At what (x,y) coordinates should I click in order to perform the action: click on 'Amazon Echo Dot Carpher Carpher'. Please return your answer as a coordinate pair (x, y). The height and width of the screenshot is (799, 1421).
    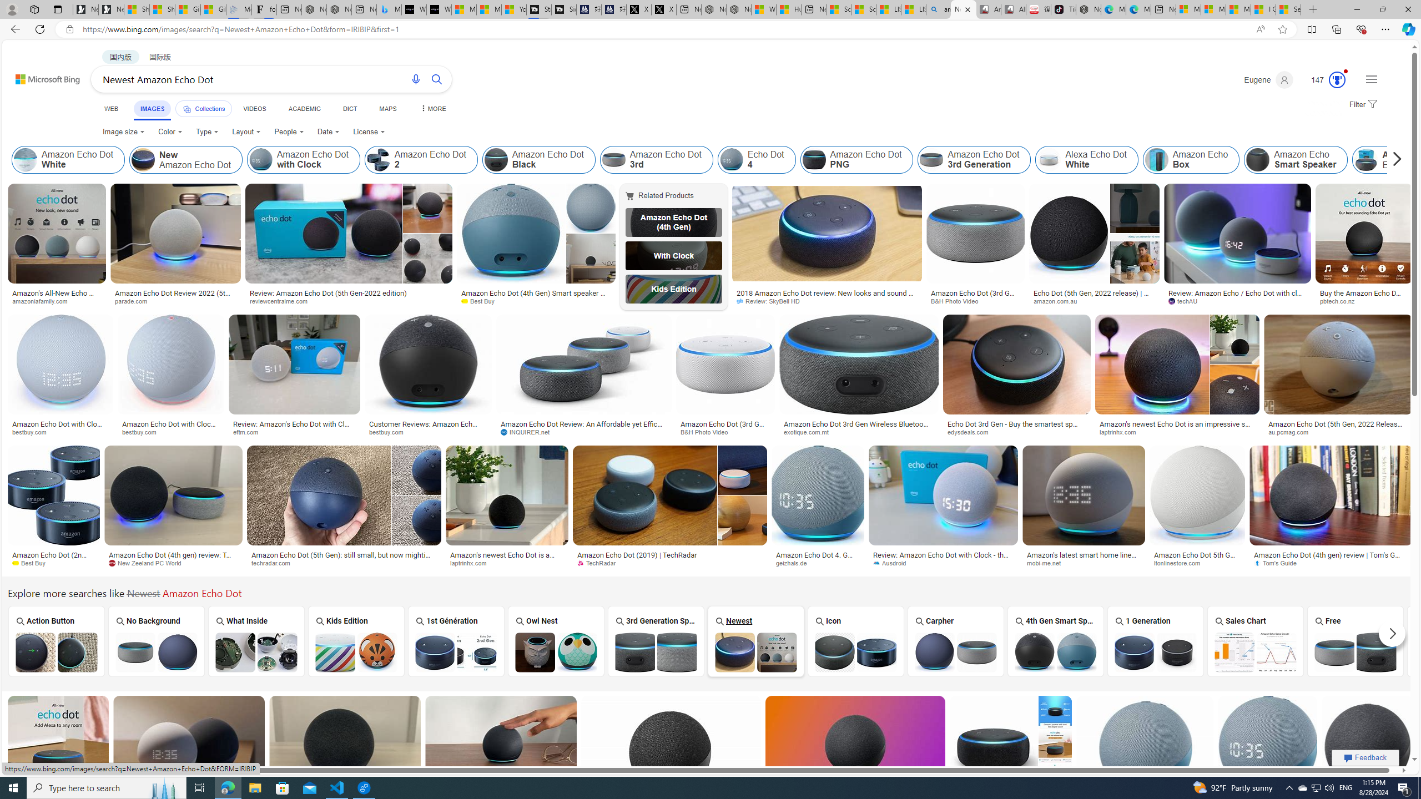
    Looking at the image, I should click on (955, 640).